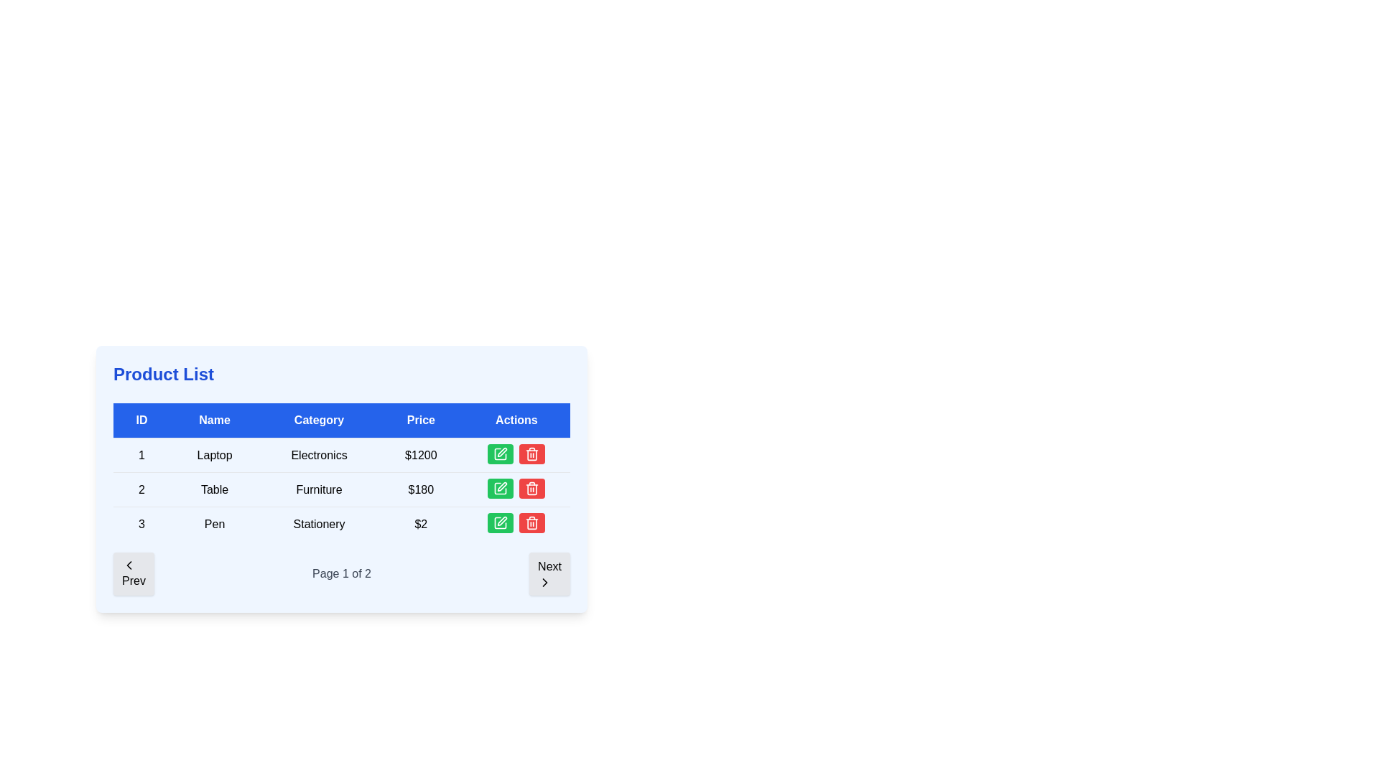  What do you see at coordinates (544, 583) in the screenshot?
I see `the chevron icon within the 'Next' button located at the bottom-right corner of the tabular layout` at bounding box center [544, 583].